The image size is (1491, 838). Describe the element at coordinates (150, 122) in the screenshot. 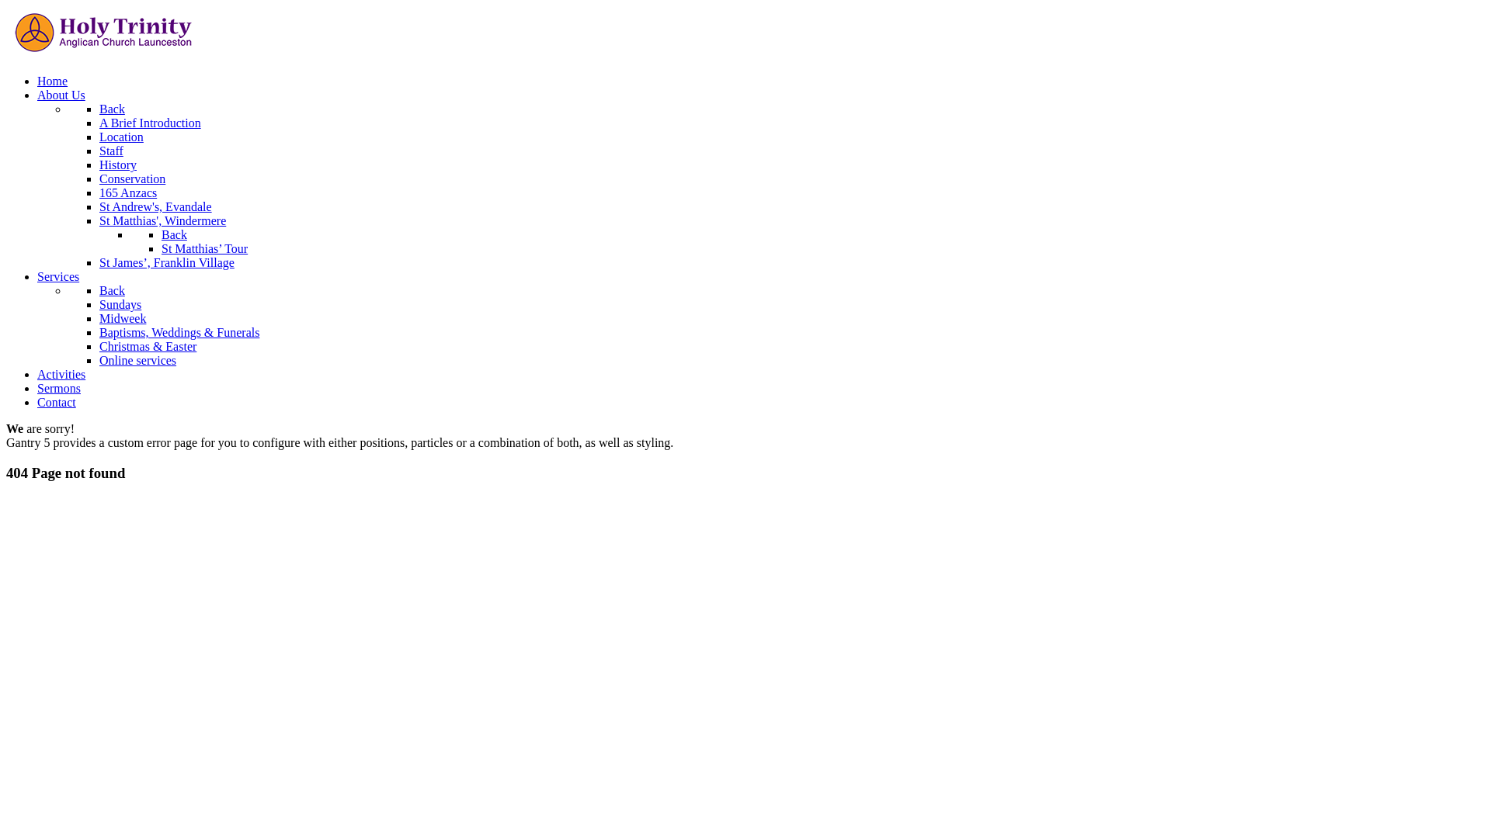

I see `'A Brief Introduction'` at that location.